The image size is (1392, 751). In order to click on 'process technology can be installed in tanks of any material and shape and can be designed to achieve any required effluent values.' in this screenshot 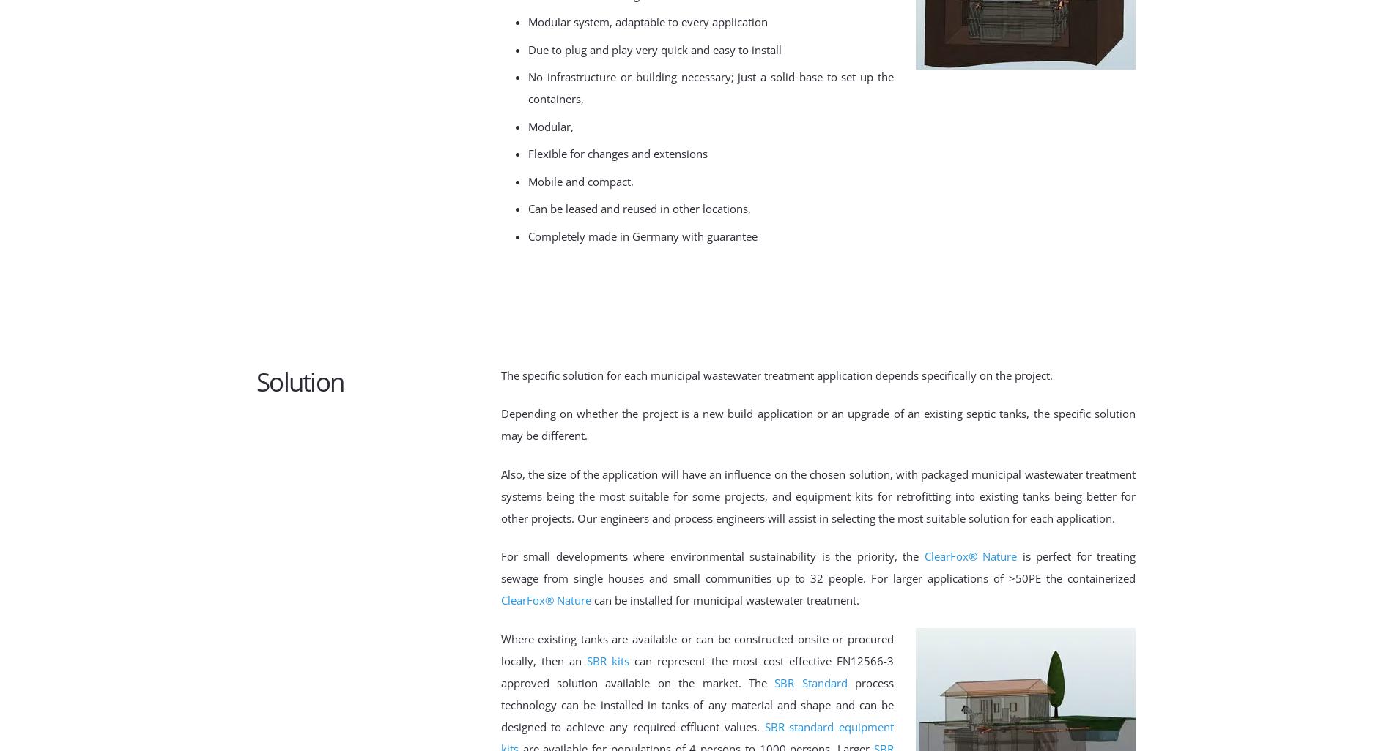, I will do `click(697, 703)`.